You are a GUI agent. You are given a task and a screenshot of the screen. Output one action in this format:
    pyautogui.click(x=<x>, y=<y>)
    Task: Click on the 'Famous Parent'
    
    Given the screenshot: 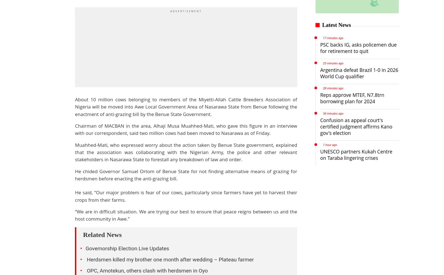 What is the action you would take?
    pyautogui.click(x=210, y=246)
    